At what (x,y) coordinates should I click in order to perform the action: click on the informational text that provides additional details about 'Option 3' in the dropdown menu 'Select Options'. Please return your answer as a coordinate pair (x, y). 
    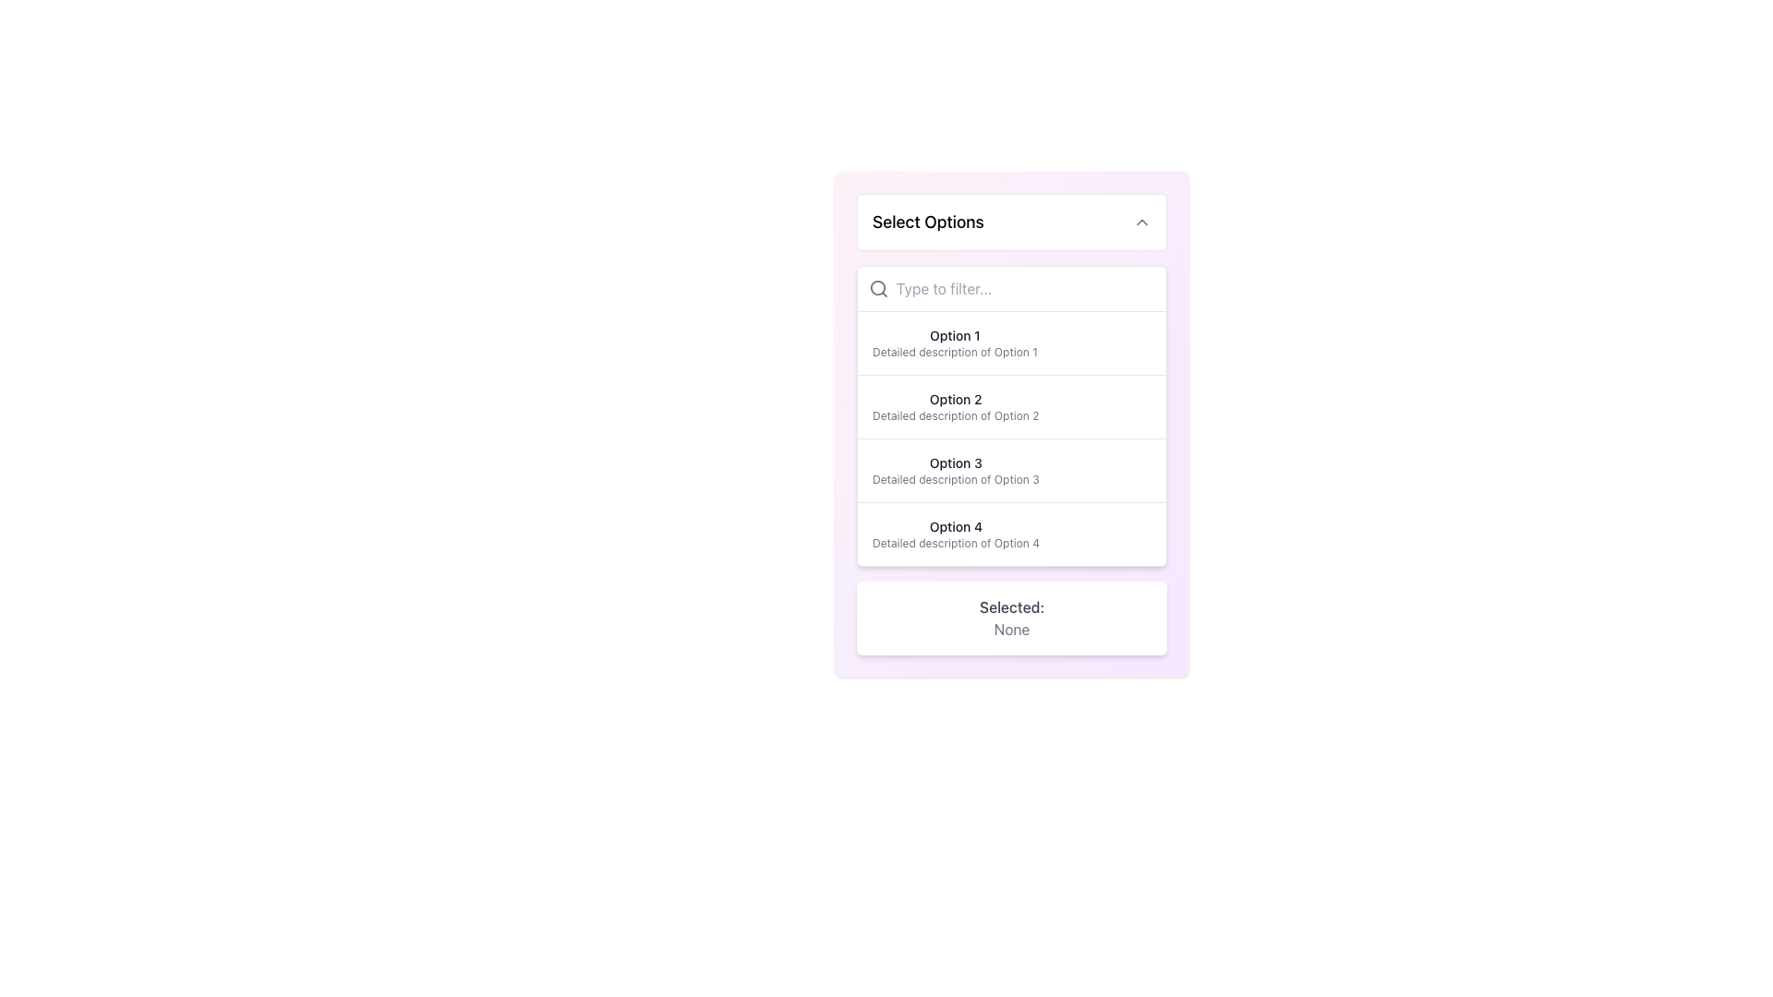
    Looking at the image, I should click on (956, 479).